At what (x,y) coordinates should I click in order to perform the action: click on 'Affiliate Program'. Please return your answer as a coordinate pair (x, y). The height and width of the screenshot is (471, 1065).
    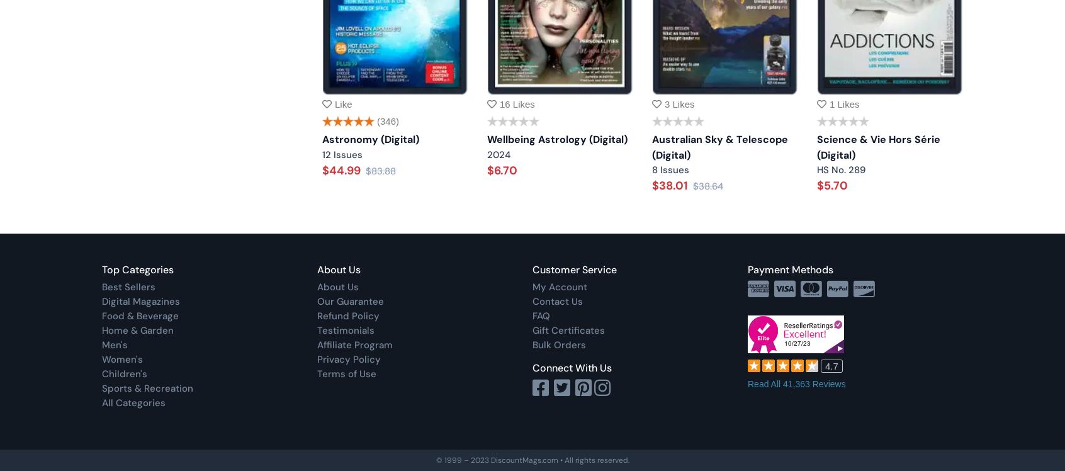
    Looking at the image, I should click on (354, 344).